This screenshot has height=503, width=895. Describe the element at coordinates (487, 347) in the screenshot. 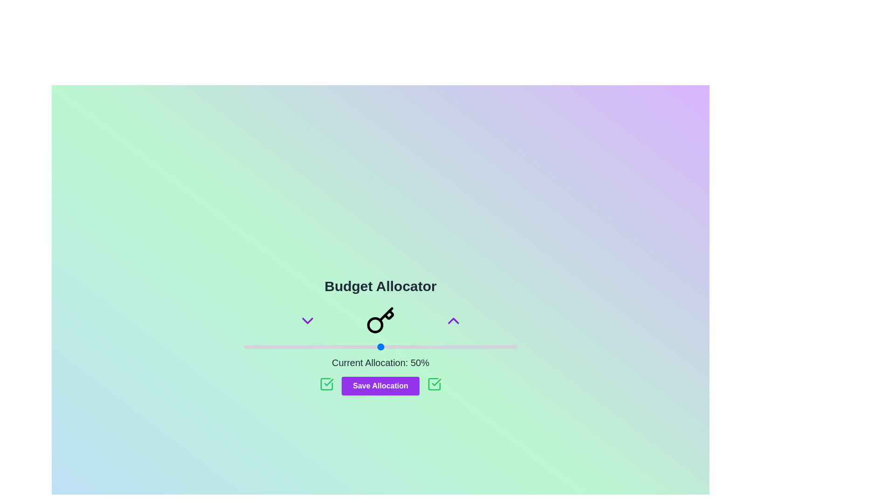

I see `the slider to set the budget to 89%` at that location.